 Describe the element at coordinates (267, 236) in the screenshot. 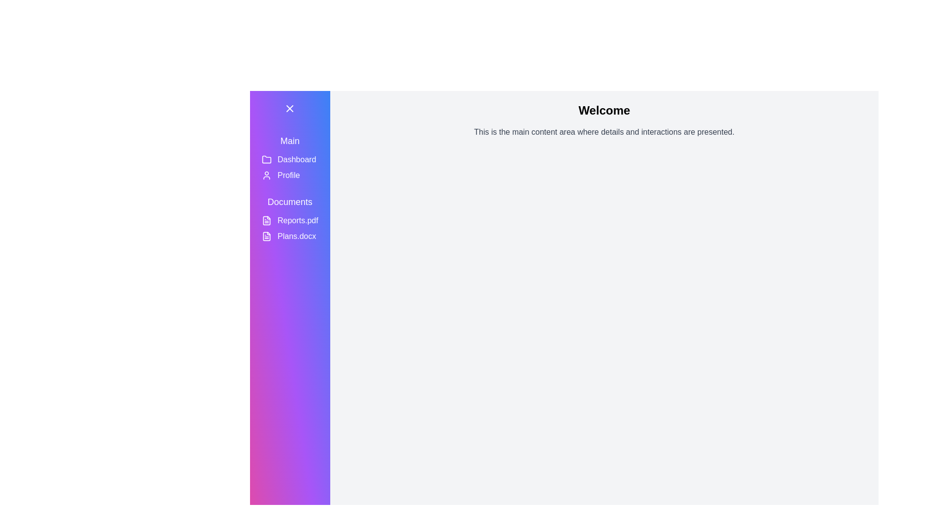

I see `the document file icon represented by a thin-lined SVG design, located to the left of the text 'Plans.docx' in the sidebar menu under the 'Documents' section` at that location.